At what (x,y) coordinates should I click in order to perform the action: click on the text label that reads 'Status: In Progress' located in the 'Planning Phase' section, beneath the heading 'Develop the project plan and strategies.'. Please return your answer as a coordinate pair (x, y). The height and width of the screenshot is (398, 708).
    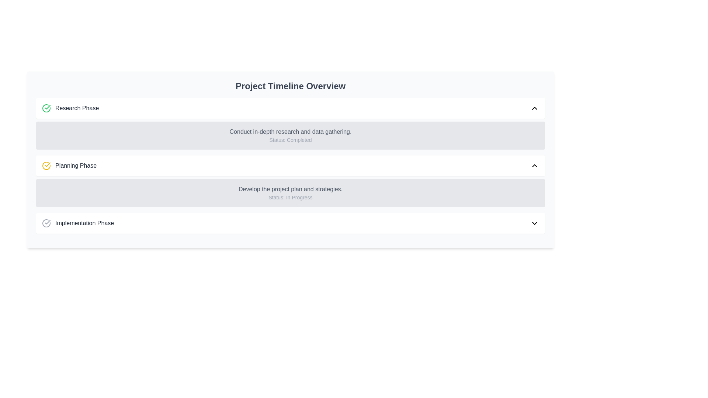
    Looking at the image, I should click on (290, 197).